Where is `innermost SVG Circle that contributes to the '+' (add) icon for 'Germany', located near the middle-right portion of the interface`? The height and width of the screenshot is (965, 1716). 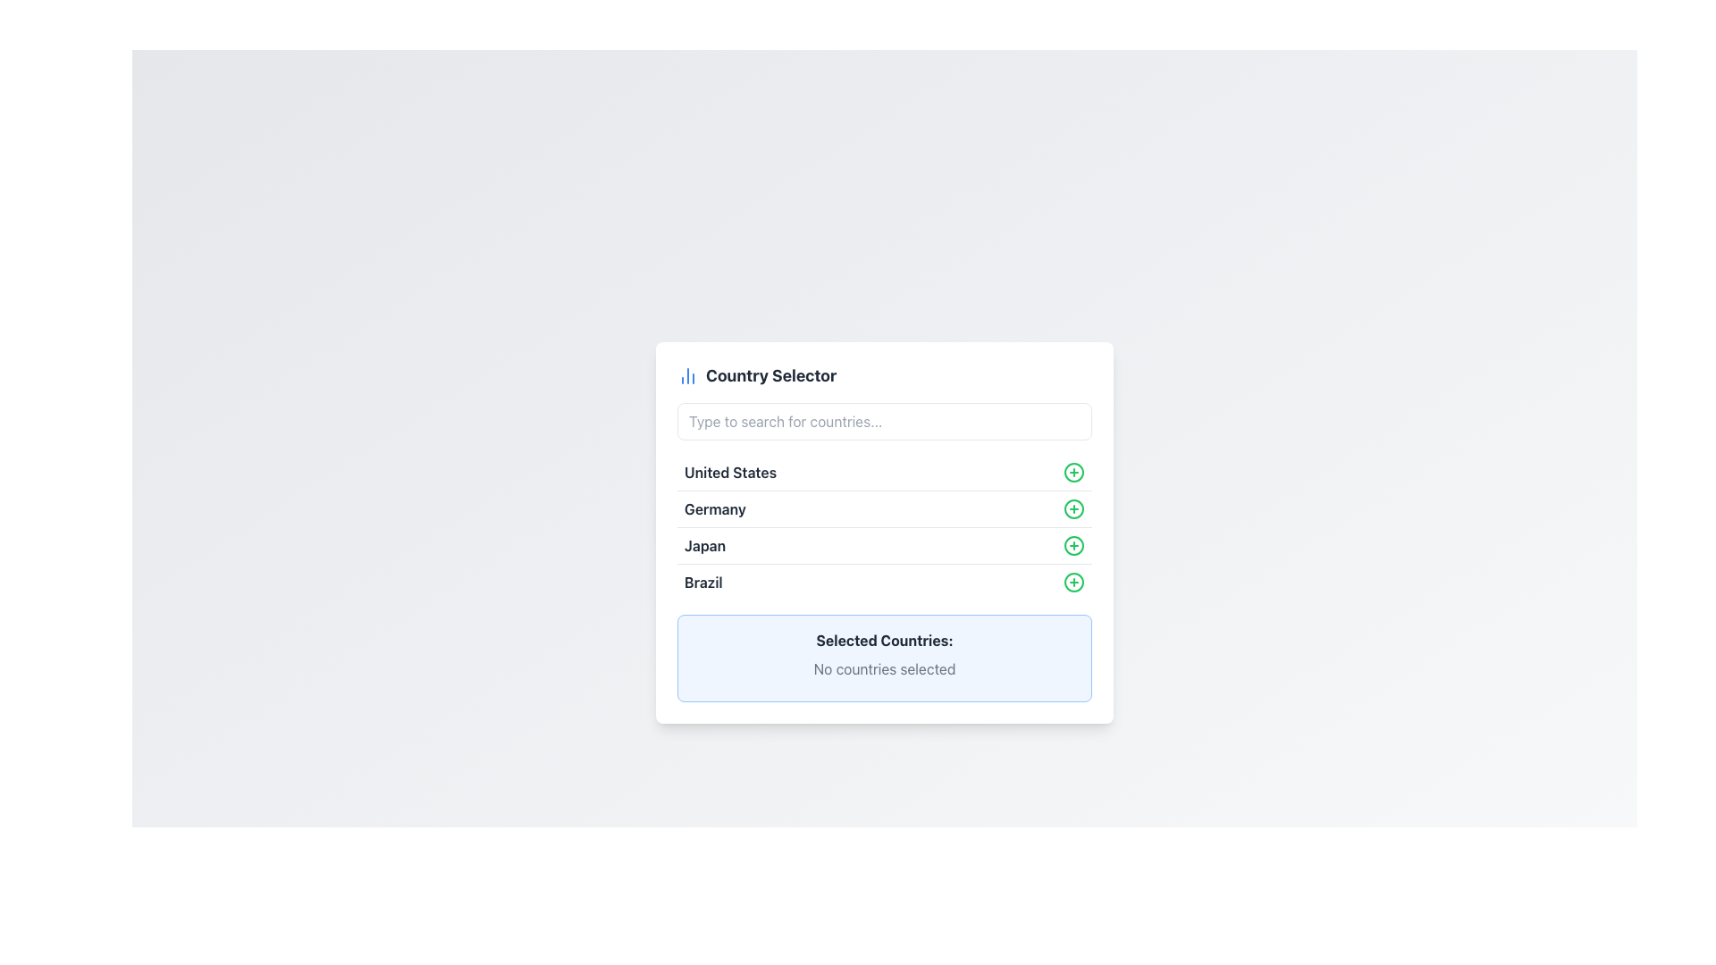 innermost SVG Circle that contributes to the '+' (add) icon for 'Germany', located near the middle-right portion of the interface is located at coordinates (1072, 471).